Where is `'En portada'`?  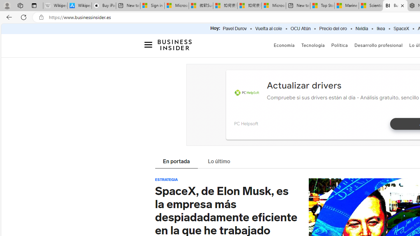
'En portada' is located at coordinates (176, 162).